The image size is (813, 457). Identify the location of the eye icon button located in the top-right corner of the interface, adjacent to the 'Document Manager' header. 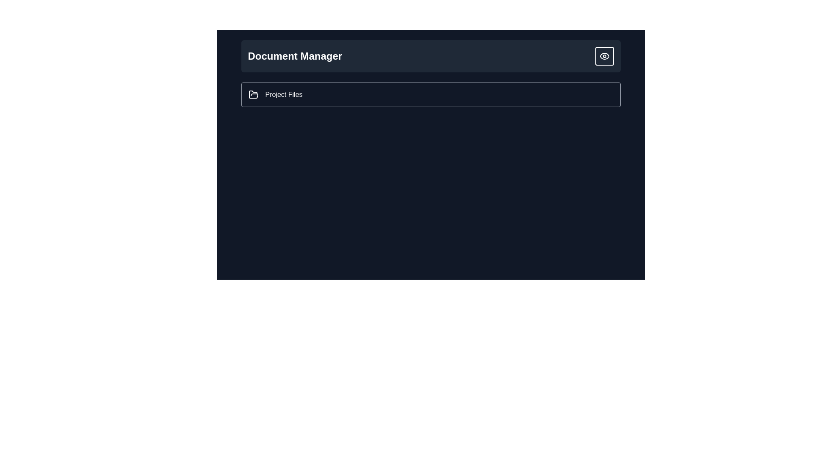
(604, 56).